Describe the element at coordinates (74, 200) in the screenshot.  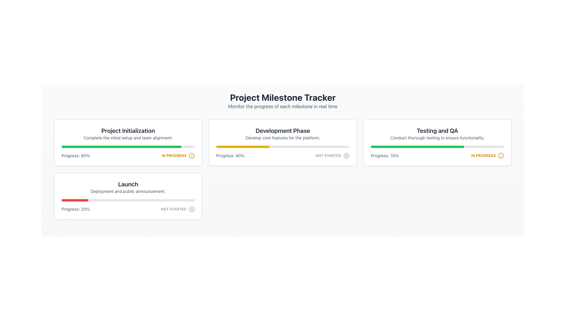
I see `the progress indicator that visually represents the current progress of the 'Launch' milestone, indicating a 20% completion level, located in the bottom-left tile of the Project Milestone Tracker interface` at that location.